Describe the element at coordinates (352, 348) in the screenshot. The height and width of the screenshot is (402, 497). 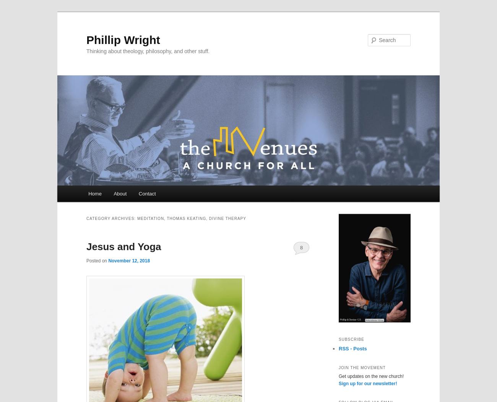
I see `'RSS - Posts'` at that location.